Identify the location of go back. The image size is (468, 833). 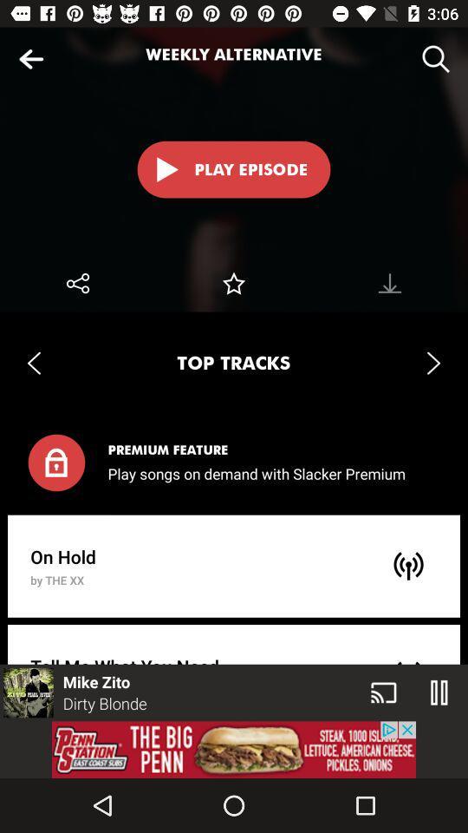
(31, 59).